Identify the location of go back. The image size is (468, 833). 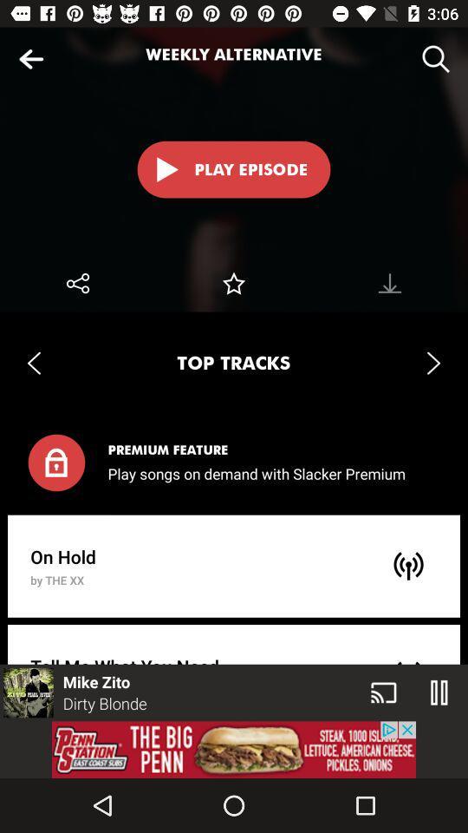
(31, 59).